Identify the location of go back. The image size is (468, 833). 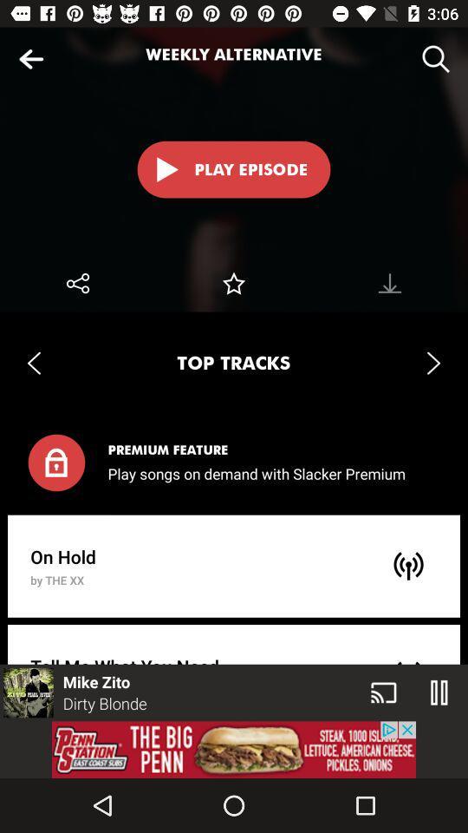
(31, 59).